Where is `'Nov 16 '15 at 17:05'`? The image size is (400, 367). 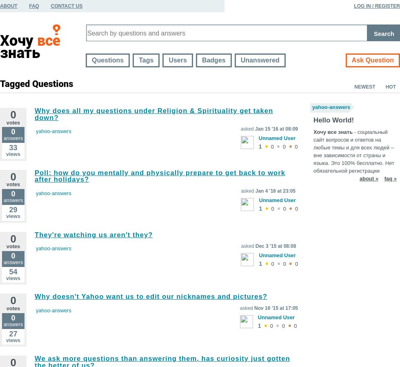
'Nov 16 '15 at 17:05' is located at coordinates (276, 308).